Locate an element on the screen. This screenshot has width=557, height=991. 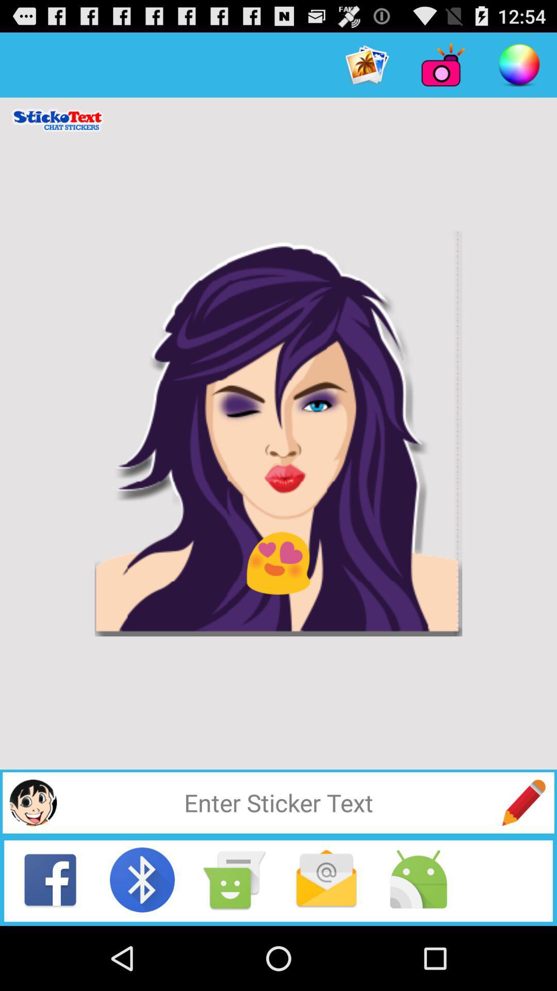
the icon next to bluetooth icon is located at coordinates (235, 879).